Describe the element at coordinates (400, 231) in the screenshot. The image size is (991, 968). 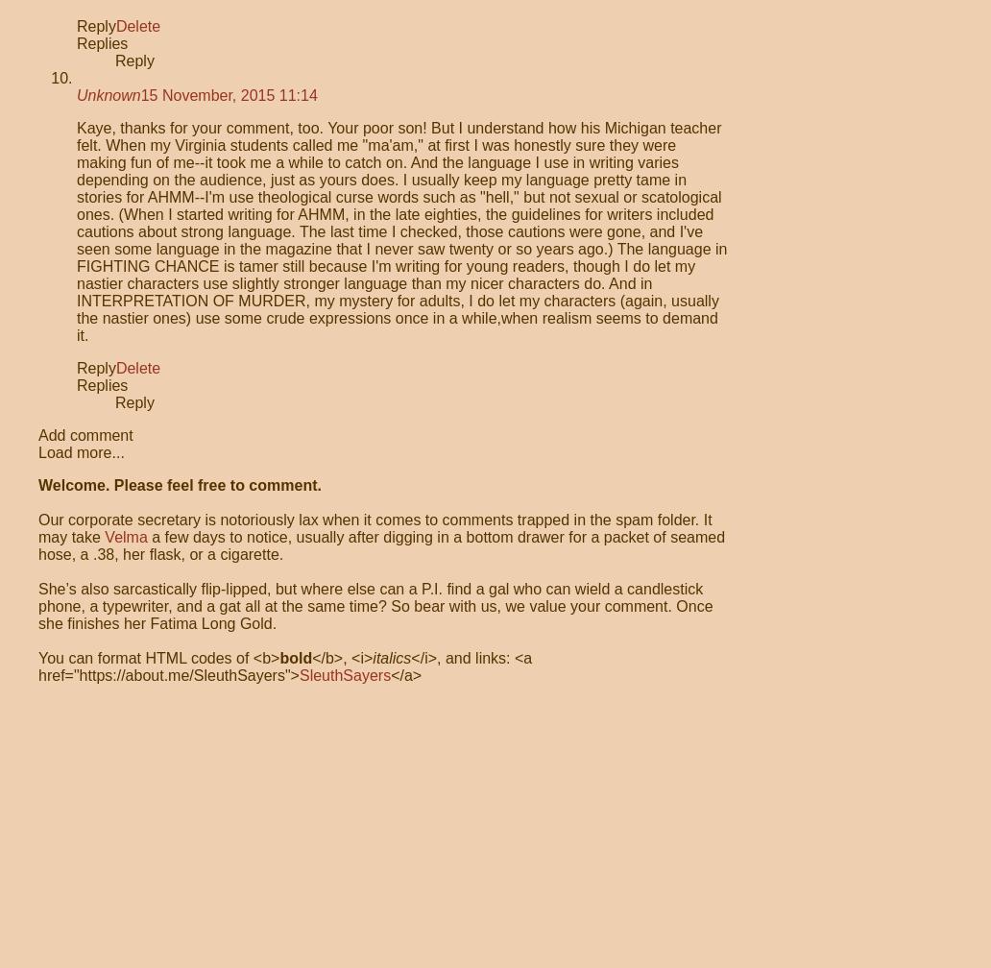
I see `'Kaye, thanks for your comment, too. Your poor son! But I understand how his Michigan teacher felt. When my Virginia students called me "ma'am," at first I was honestly sure they were making fun of me--it took me a while to catch on. And the language I use in writing varies depending on the audience, just as yours does. I usually keep my language pretty tame in stories for AHMM--I'm use theological curse words such as "hell," but not sexual or scatological ones. (When I started writing for AHMM, in the late eighties, the guidelines for writers included cautions about strong language. The last time I checked, those cautions were gone, and I've seen some language in the magazine that I never saw twenty or so years ago.) The language in FIGHTING CHANCE is tamer still because I'm writing for young readers, though I do let my nastier characters use slightly stronger language than my nicer characters do. And in INTERPRETATION OF MURDER, my mystery for adults, I do let my characters (again, usually the nastier ones) use some crude expressions once in a while,when realism seems to demand it.'` at that location.